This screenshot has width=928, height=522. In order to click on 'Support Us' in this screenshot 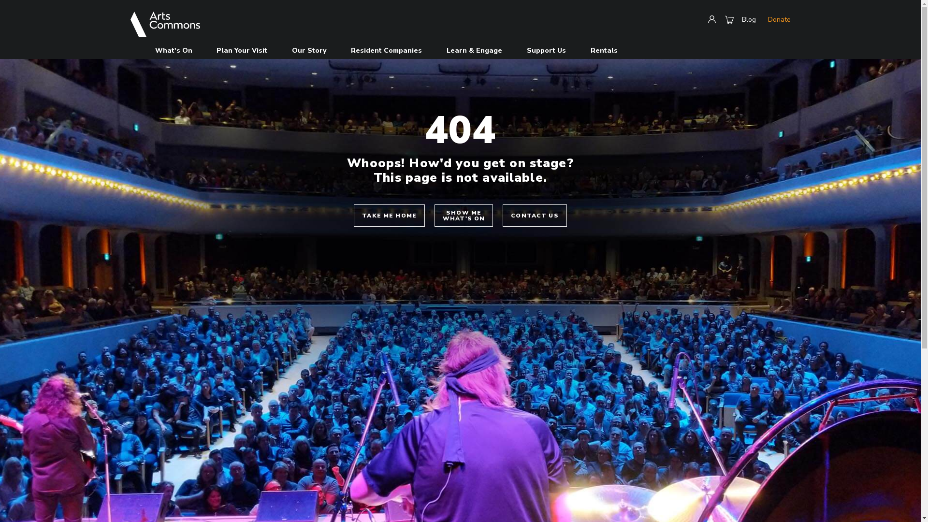, I will do `click(521, 50)`.